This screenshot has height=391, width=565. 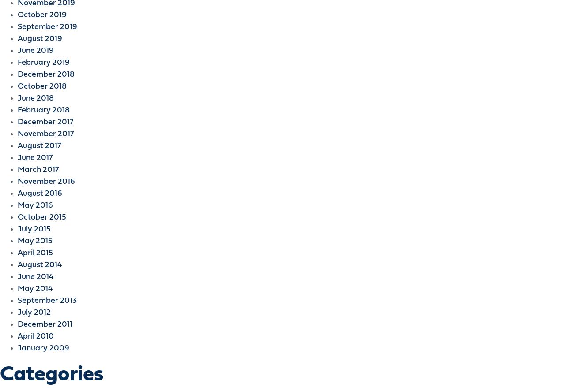 What do you see at coordinates (39, 265) in the screenshot?
I see `'August 2014'` at bounding box center [39, 265].